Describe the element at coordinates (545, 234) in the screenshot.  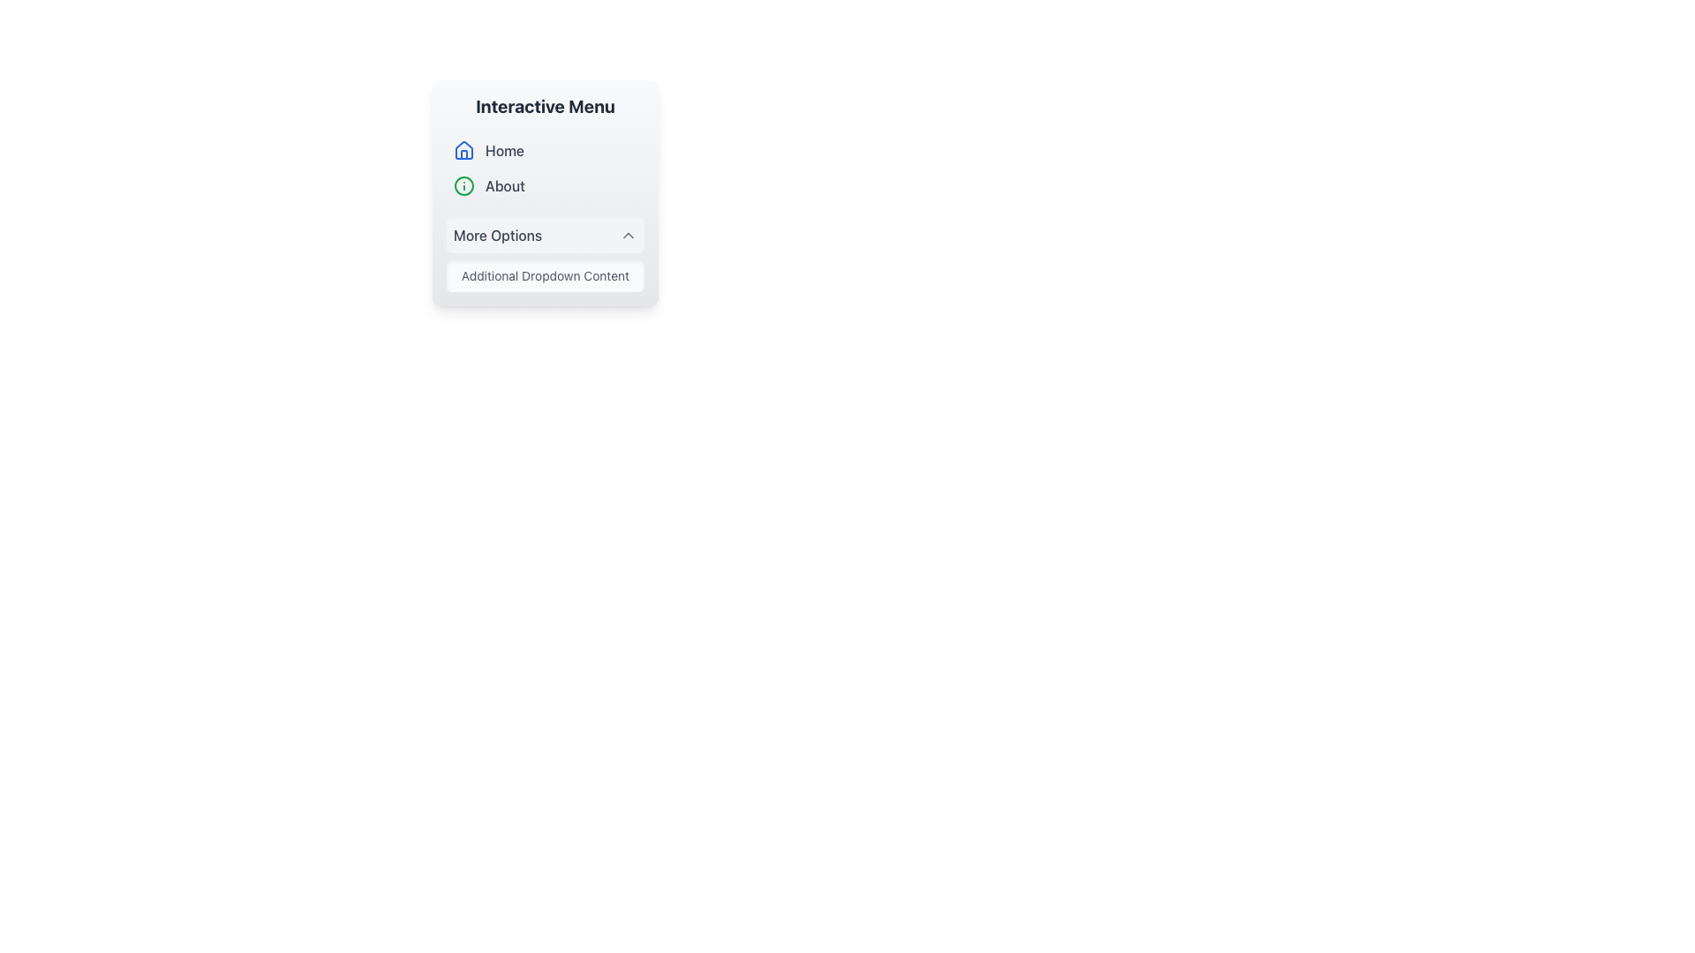
I see `the dropdown toggle button located below the 'About' menu item` at that location.